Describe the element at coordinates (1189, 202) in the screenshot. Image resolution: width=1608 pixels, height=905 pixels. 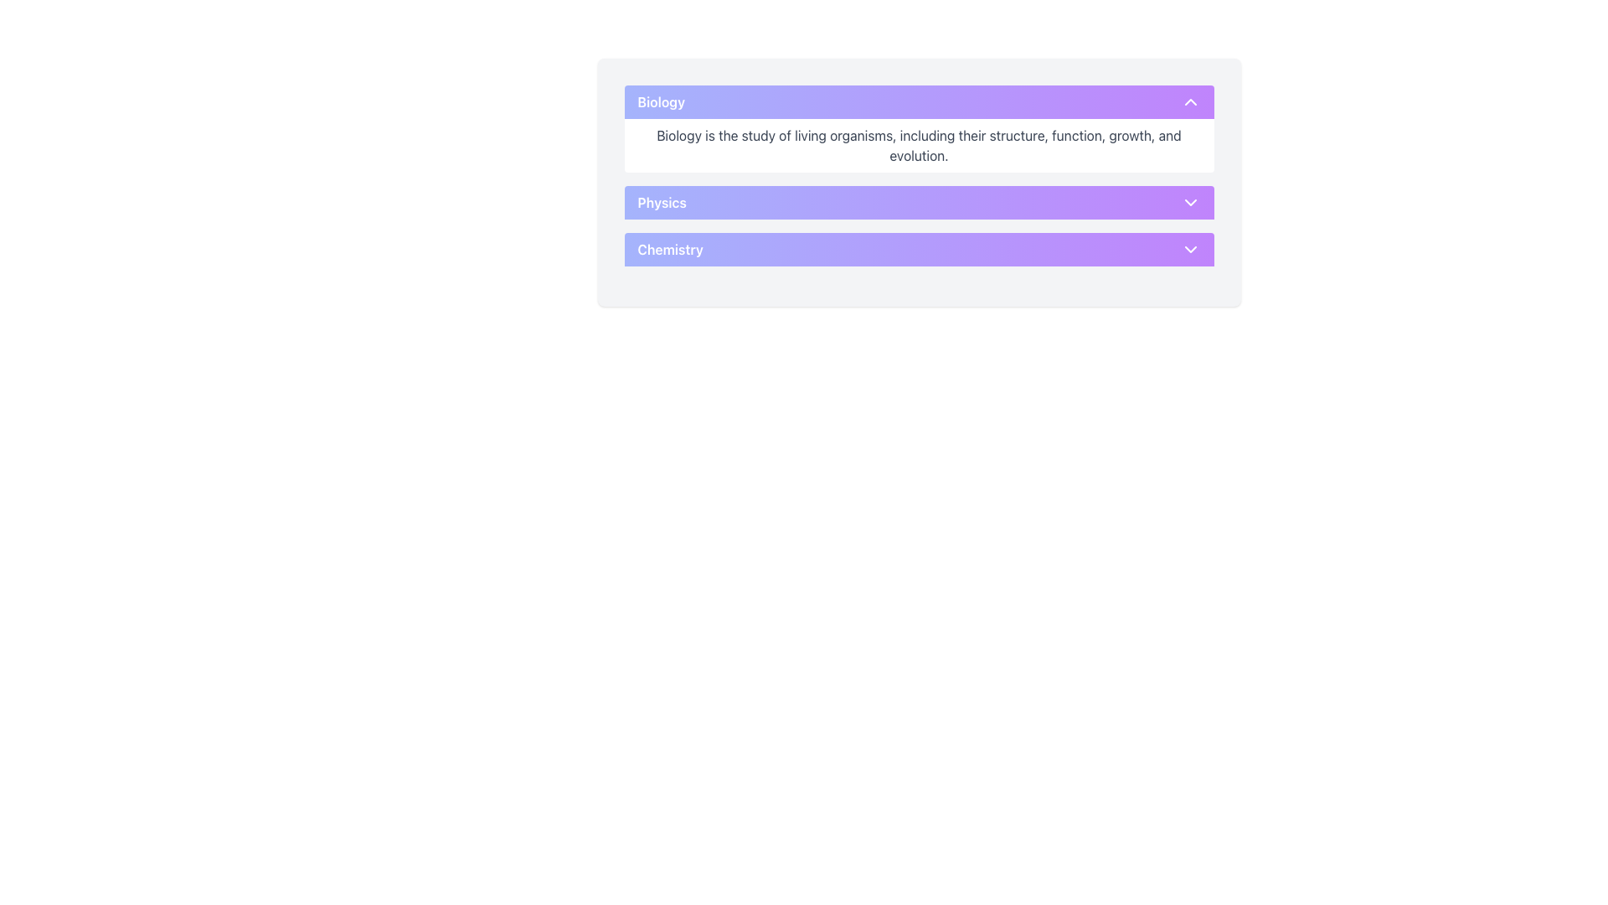
I see `the small downward-pointing chevron icon within the 'Physics' button that has a gradient purple background` at that location.